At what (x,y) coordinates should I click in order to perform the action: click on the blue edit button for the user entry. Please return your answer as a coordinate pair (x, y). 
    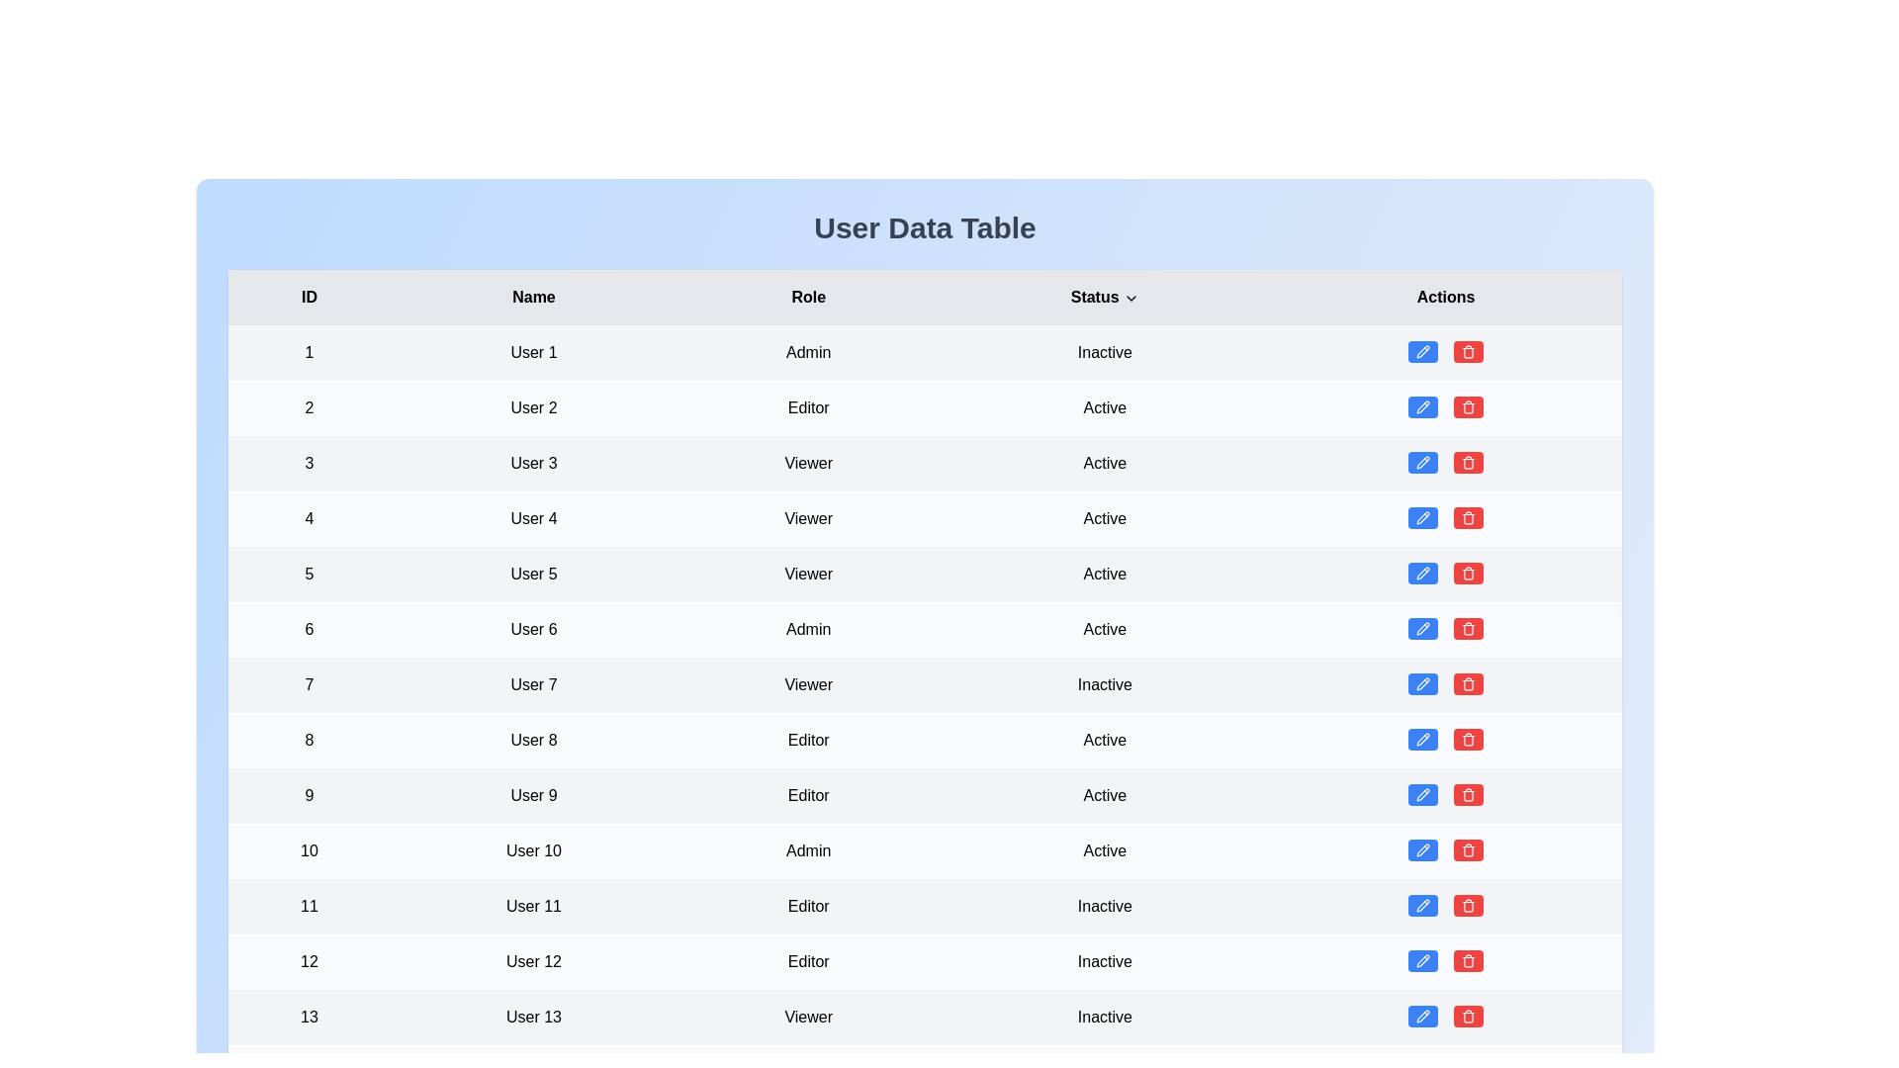
    Looking at the image, I should click on (1422, 350).